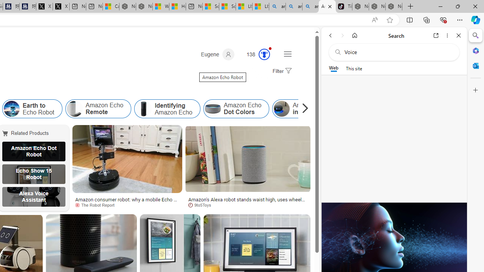 The height and width of the screenshot is (272, 484). Describe the element at coordinates (360, 6) in the screenshot. I see `'Nordace - Best Sellers'` at that location.